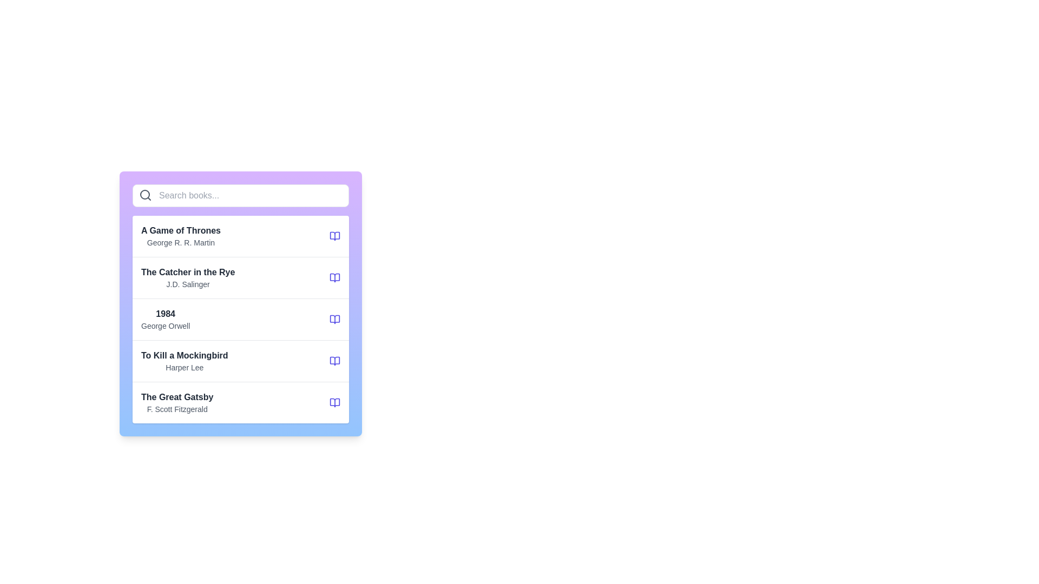  Describe the element at coordinates (334, 402) in the screenshot. I see `the open book icon in text-indigo-600 color located near the bottom-right corner of 'The Great Gatsby' box` at that location.